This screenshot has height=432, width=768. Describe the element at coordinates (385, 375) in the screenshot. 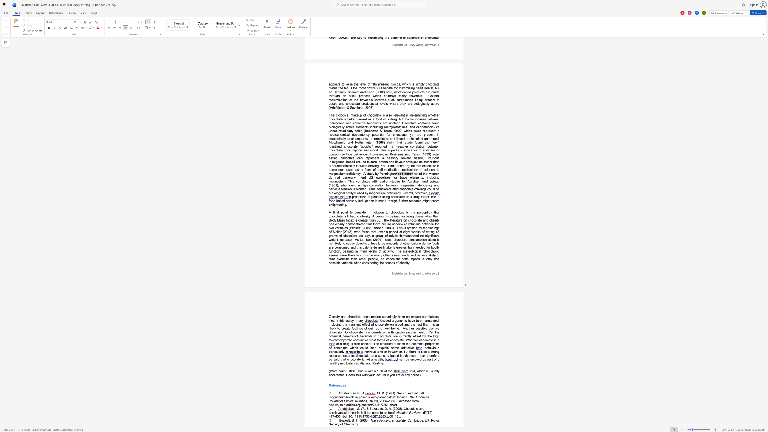

I see `the 3th character "r" in the text` at that location.